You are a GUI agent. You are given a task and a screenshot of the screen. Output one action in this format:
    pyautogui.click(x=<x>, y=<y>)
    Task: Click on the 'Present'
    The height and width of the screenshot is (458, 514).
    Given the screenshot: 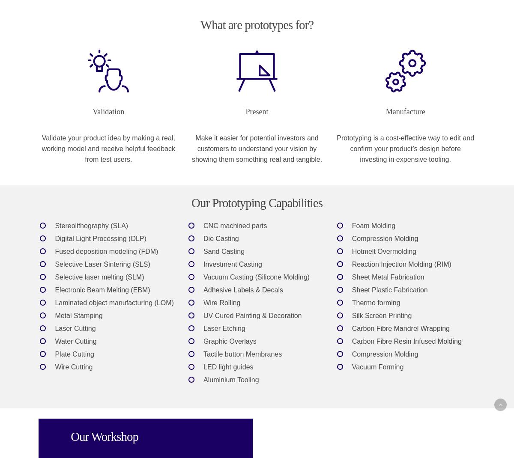 What is the action you would take?
    pyautogui.click(x=256, y=111)
    